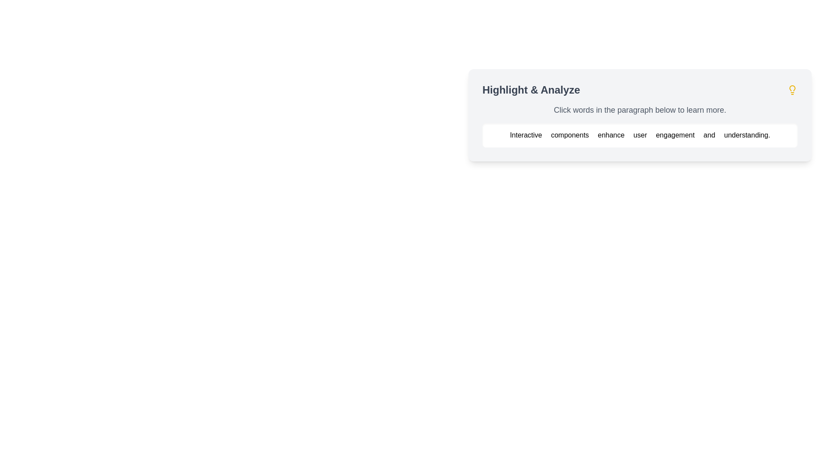 The height and width of the screenshot is (470, 836). I want to click on the Instructional Panel, so click(640, 115).